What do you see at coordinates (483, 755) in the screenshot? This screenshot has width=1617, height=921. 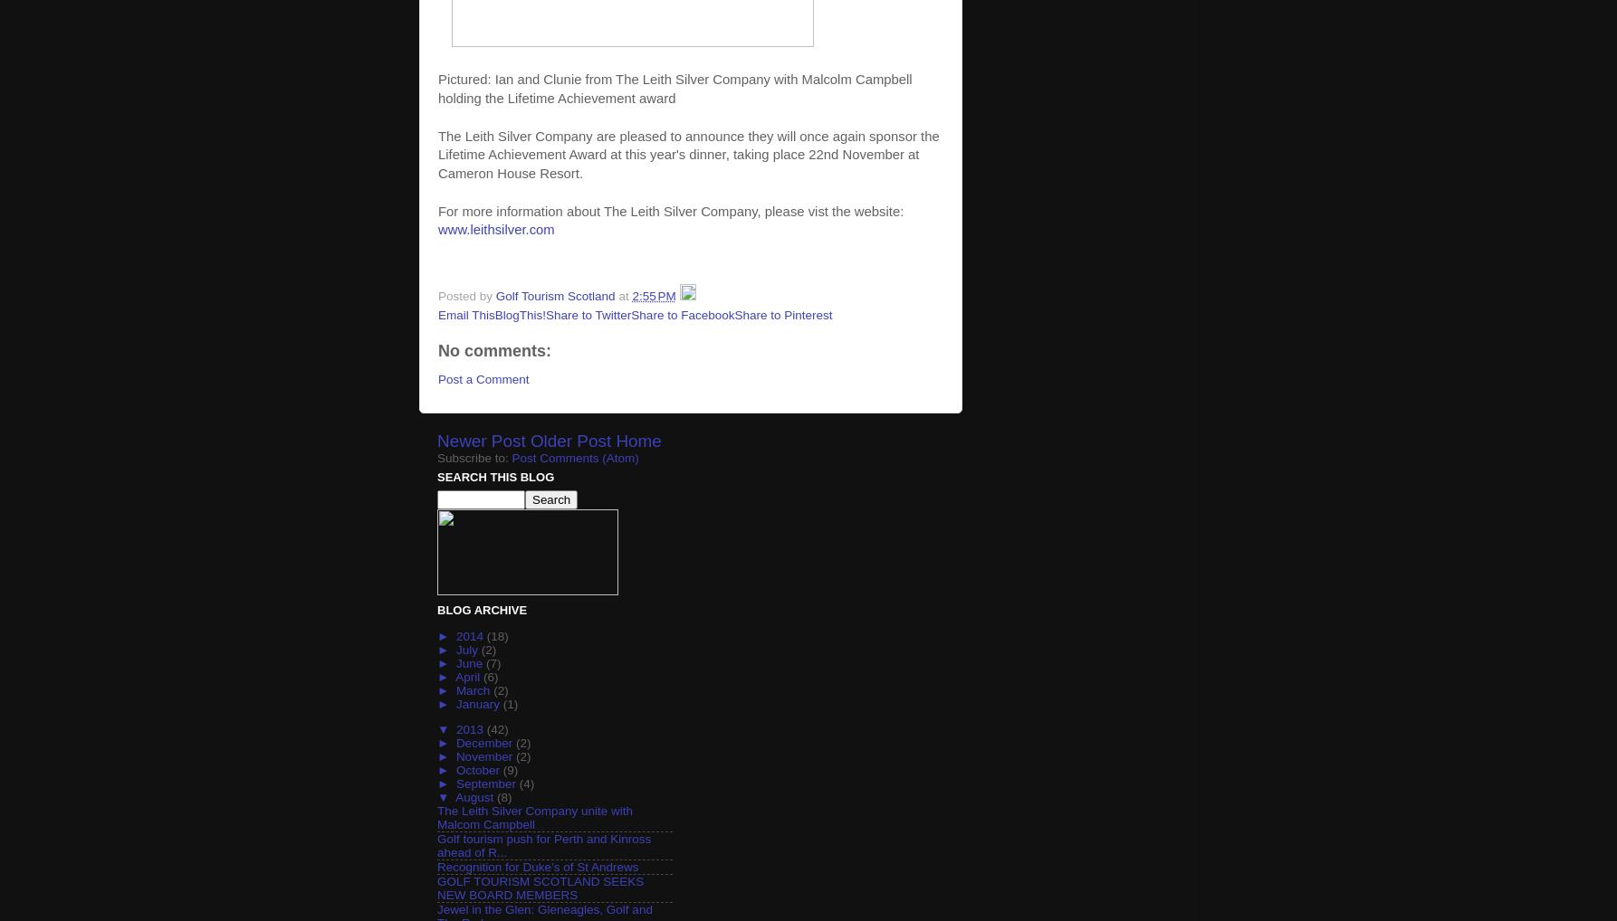 I see `'November'` at bounding box center [483, 755].